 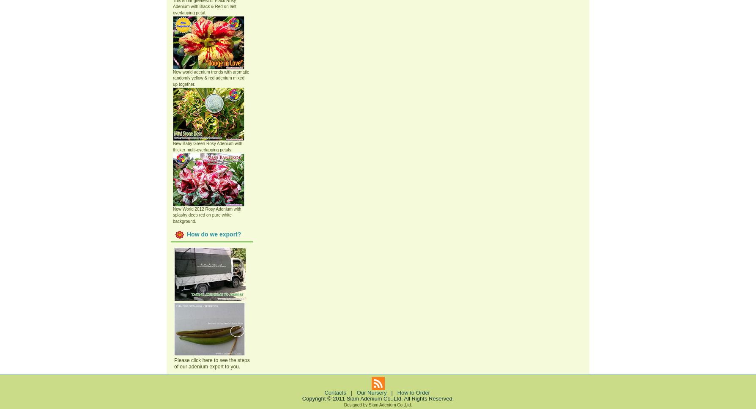 I want to click on 'New World 2012 Rosy Adenium with splashy deep red on pure white background.', so click(x=207, y=214).